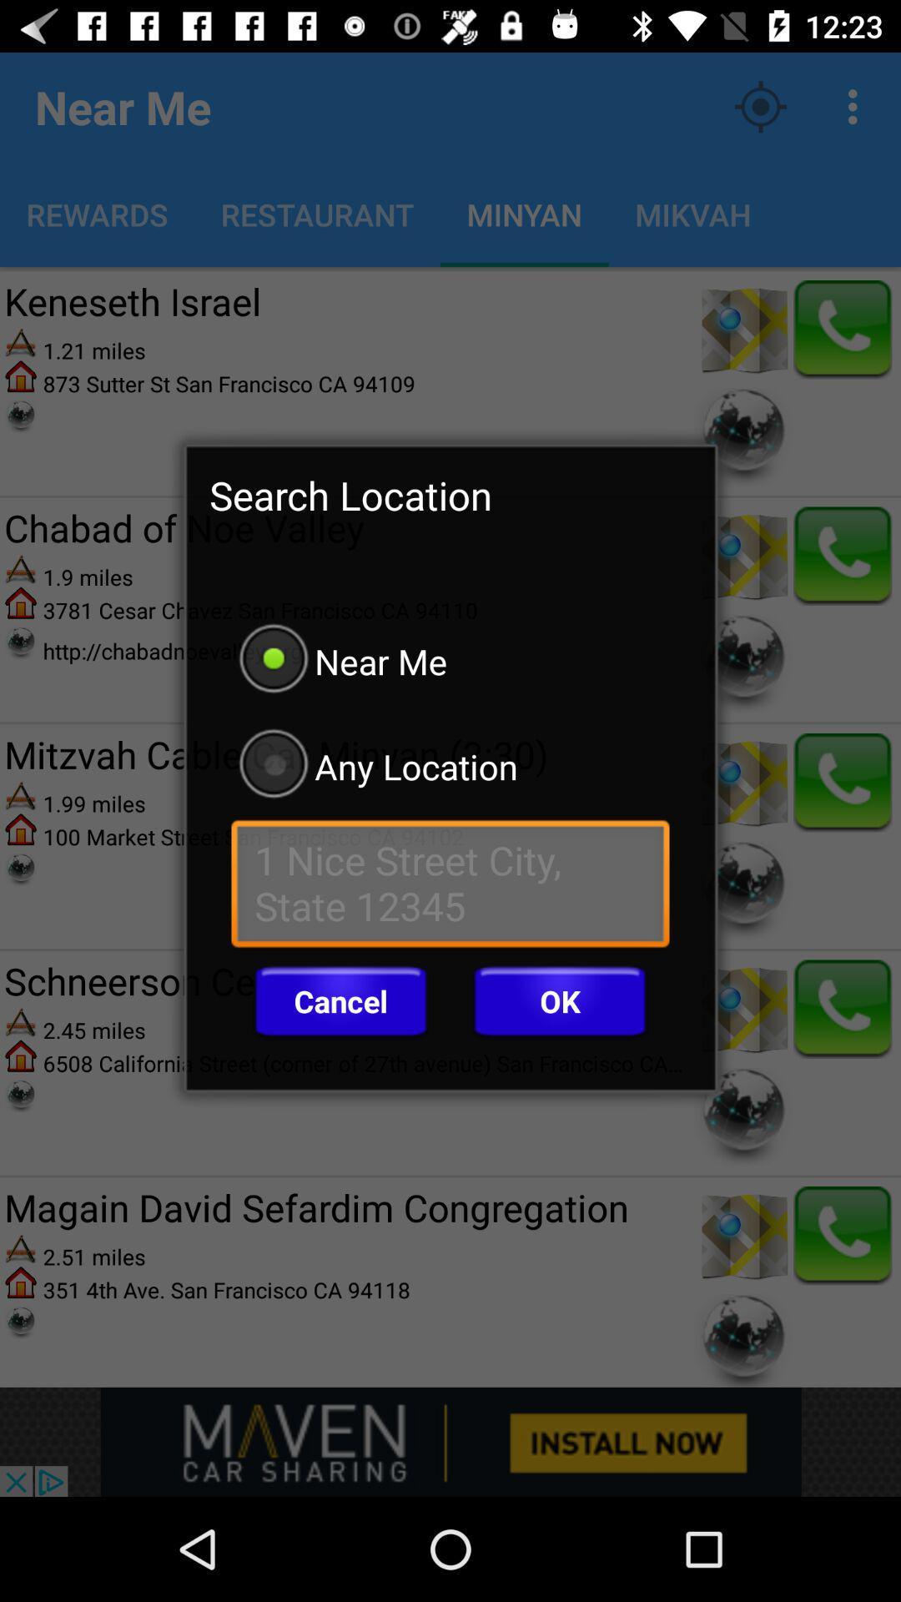 The height and width of the screenshot is (1602, 901). What do you see at coordinates (450, 660) in the screenshot?
I see `radio button above the any location radio button` at bounding box center [450, 660].